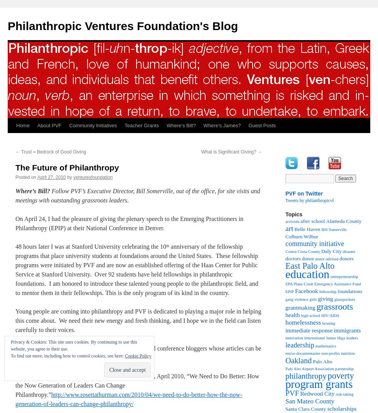  I want to click on 'PVF', so click(292, 393).